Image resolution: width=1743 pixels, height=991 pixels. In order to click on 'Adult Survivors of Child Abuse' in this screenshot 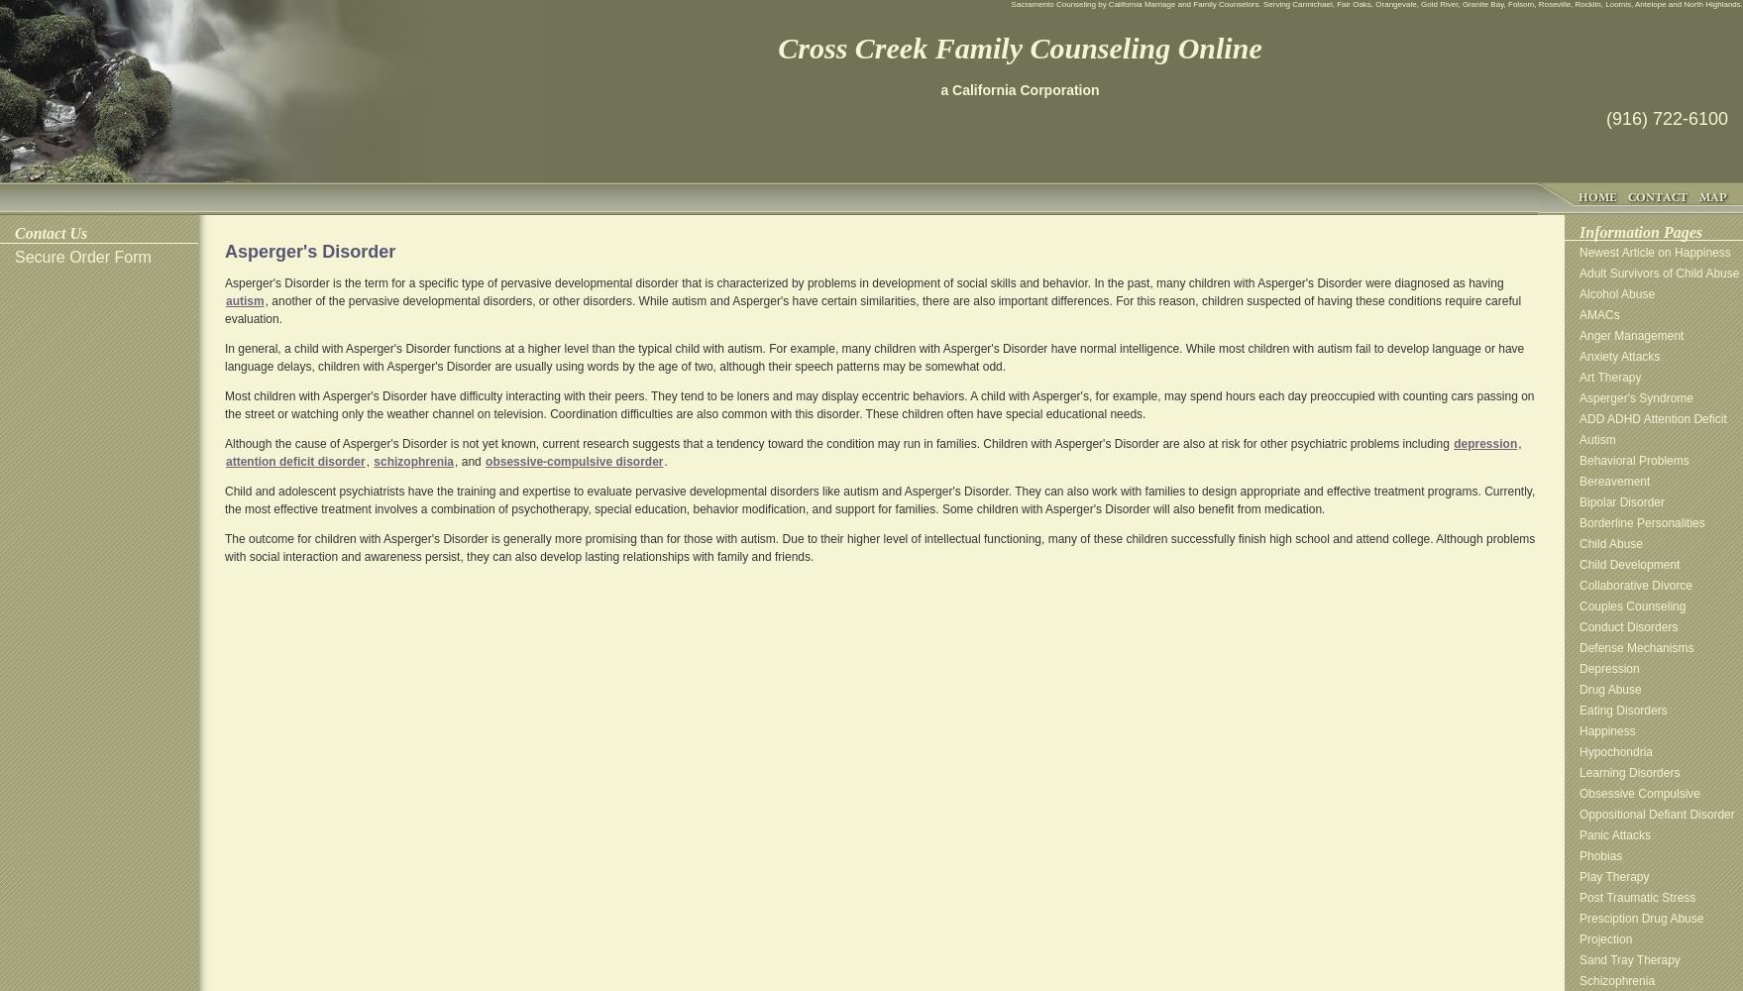, I will do `click(1658, 274)`.